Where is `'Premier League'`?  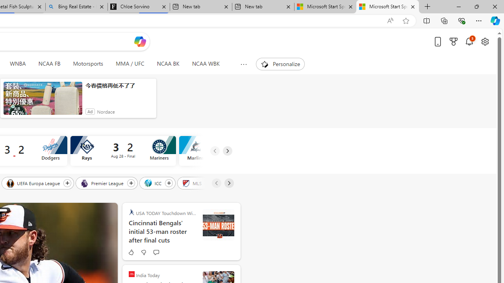
'Premier League' is located at coordinates (102, 183).